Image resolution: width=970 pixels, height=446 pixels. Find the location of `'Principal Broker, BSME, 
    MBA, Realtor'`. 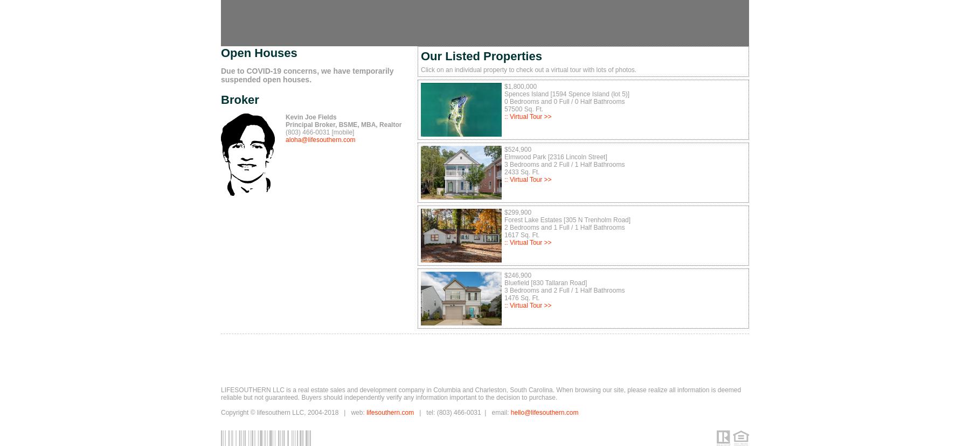

'Principal Broker, BSME, 
    MBA, Realtor' is located at coordinates (343, 125).